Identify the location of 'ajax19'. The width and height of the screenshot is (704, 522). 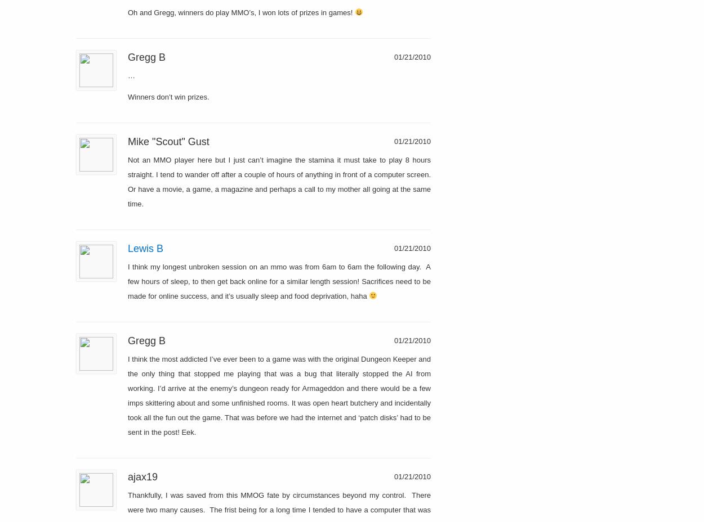
(142, 476).